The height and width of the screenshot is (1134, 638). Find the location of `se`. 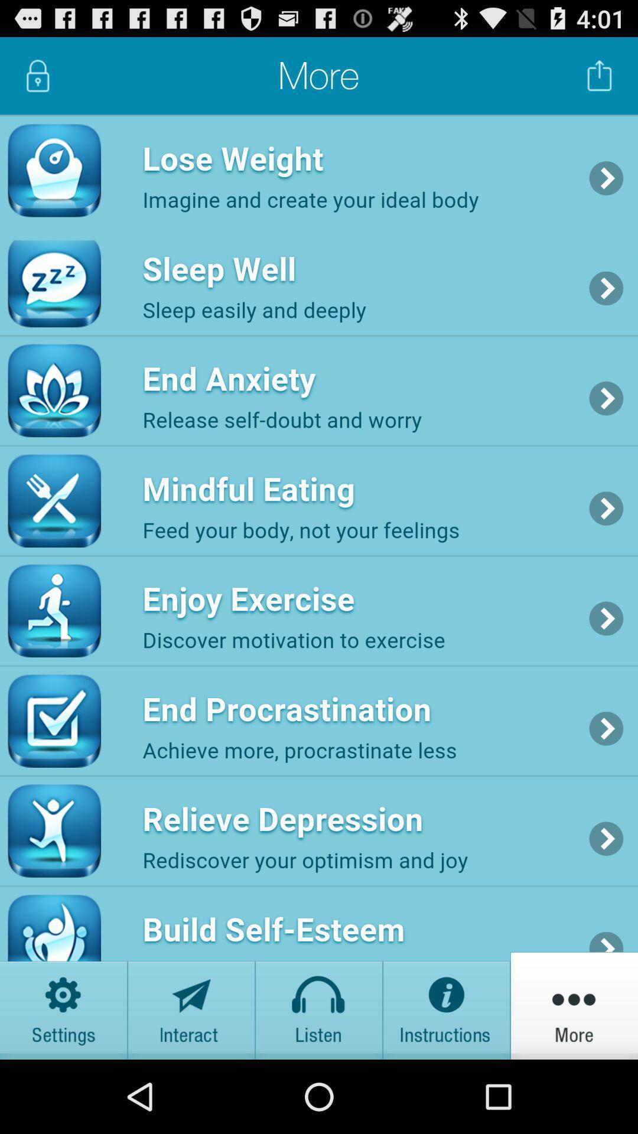

se is located at coordinates (447, 1005).